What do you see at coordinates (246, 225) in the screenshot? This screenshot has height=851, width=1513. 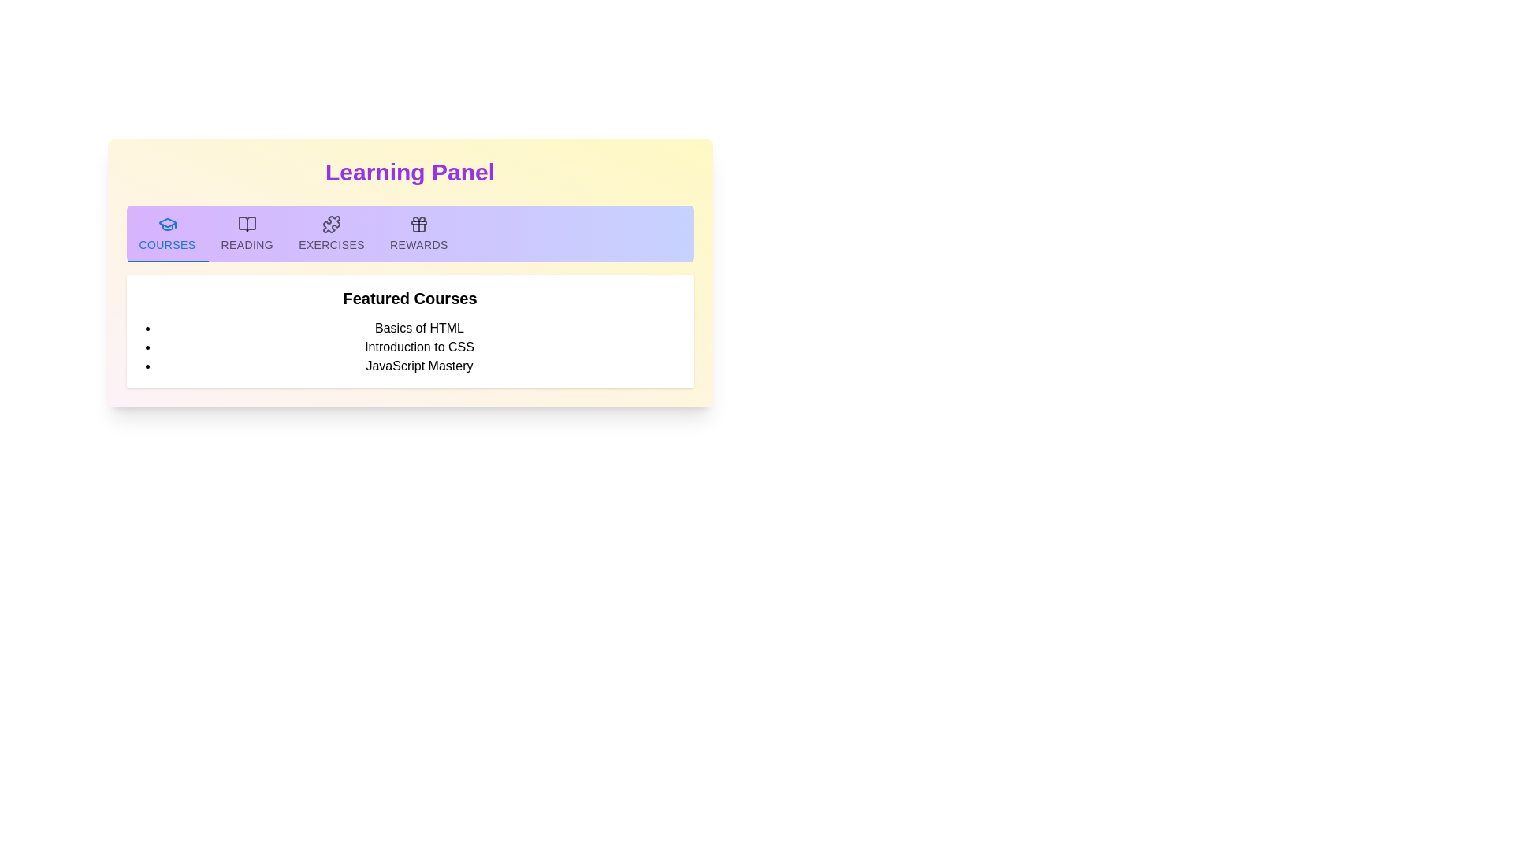 I see `the open book icon in the row of tab-like icons at the top of the interface` at bounding box center [246, 225].